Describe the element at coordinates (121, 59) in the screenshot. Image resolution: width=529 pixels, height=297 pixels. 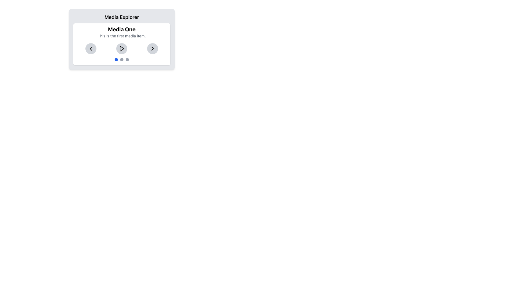
I see `the second round indicator dot with a gray background, located horizontally beneath the media title` at that location.